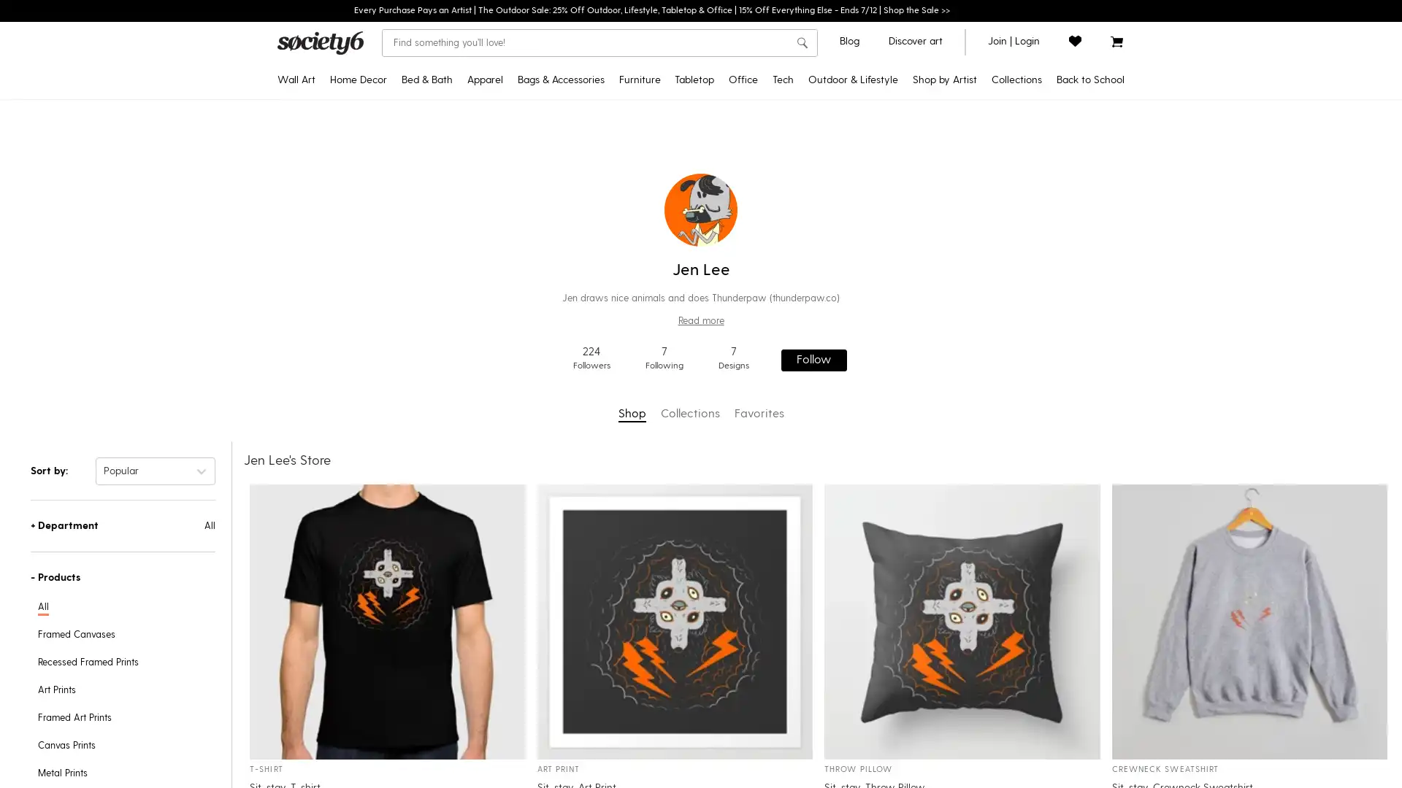 This screenshot has width=1402, height=788. I want to click on Framed Canvas Prints, so click(343, 211).